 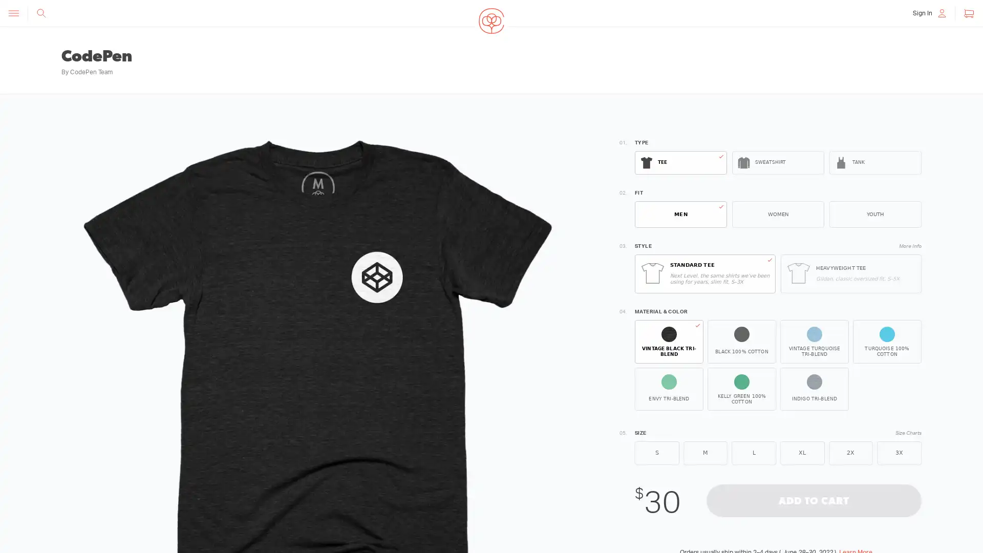 I want to click on S, so click(x=656, y=452).